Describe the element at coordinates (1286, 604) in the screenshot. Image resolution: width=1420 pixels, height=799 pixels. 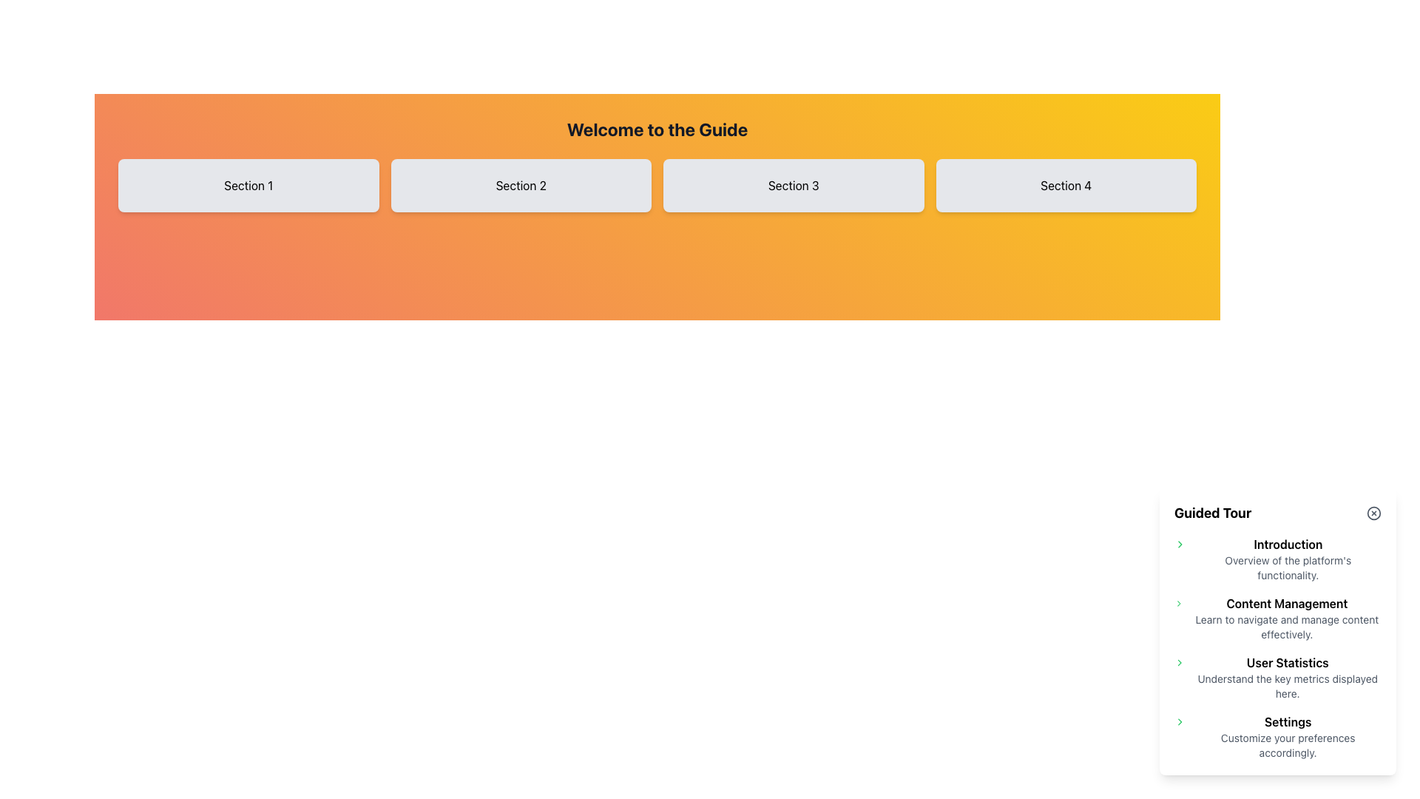
I see `the text label displaying 'Content Management', which is prominently styled and located in the 'Guided Tour' section, between 'Introduction' and 'User Statistics'` at that location.